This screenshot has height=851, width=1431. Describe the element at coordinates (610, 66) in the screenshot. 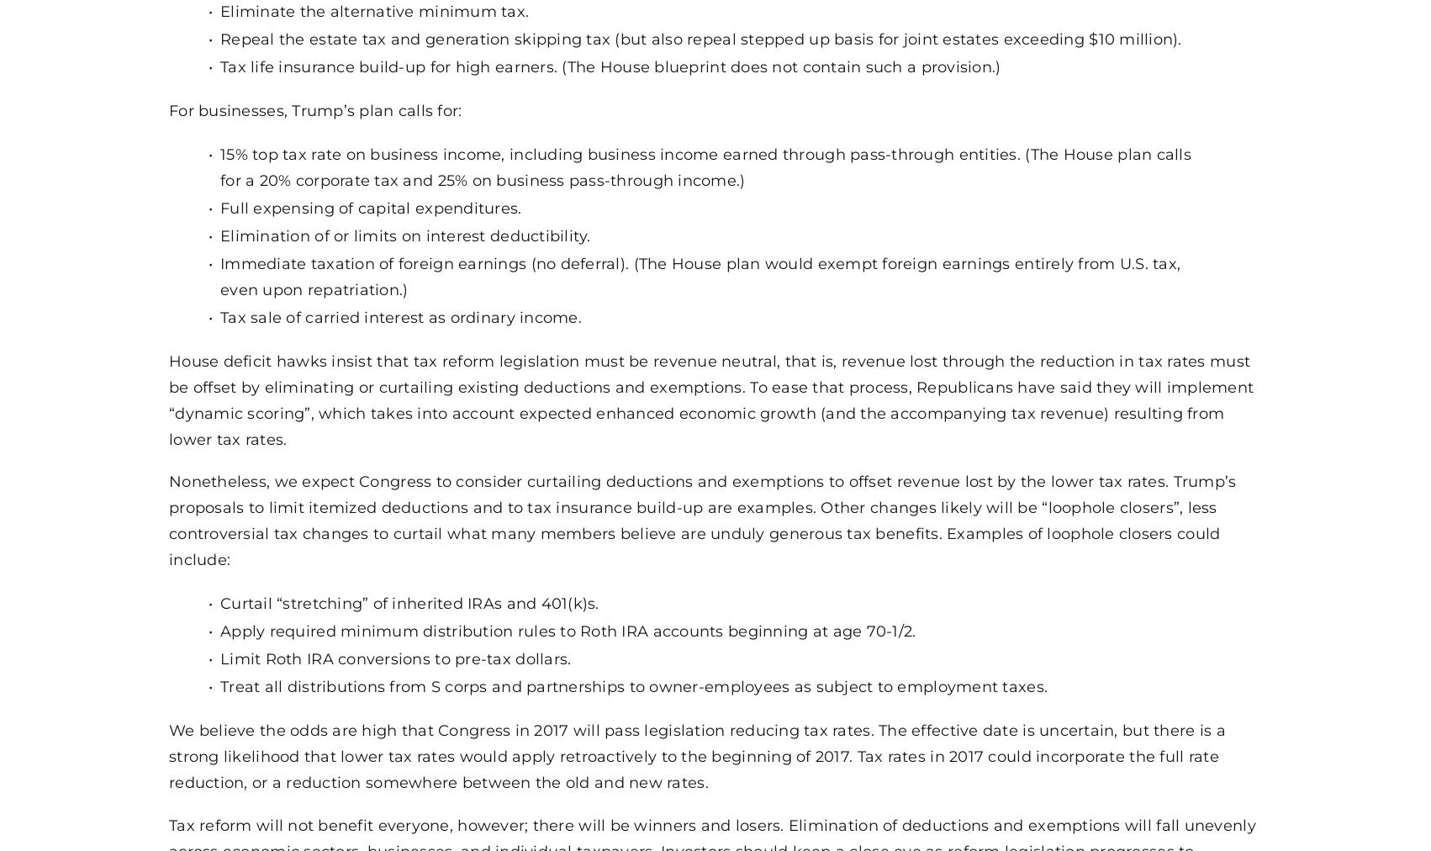

I see `'Tax life insurance build-up for high earners. (The House blueprint does not contain such a provision.)'` at that location.